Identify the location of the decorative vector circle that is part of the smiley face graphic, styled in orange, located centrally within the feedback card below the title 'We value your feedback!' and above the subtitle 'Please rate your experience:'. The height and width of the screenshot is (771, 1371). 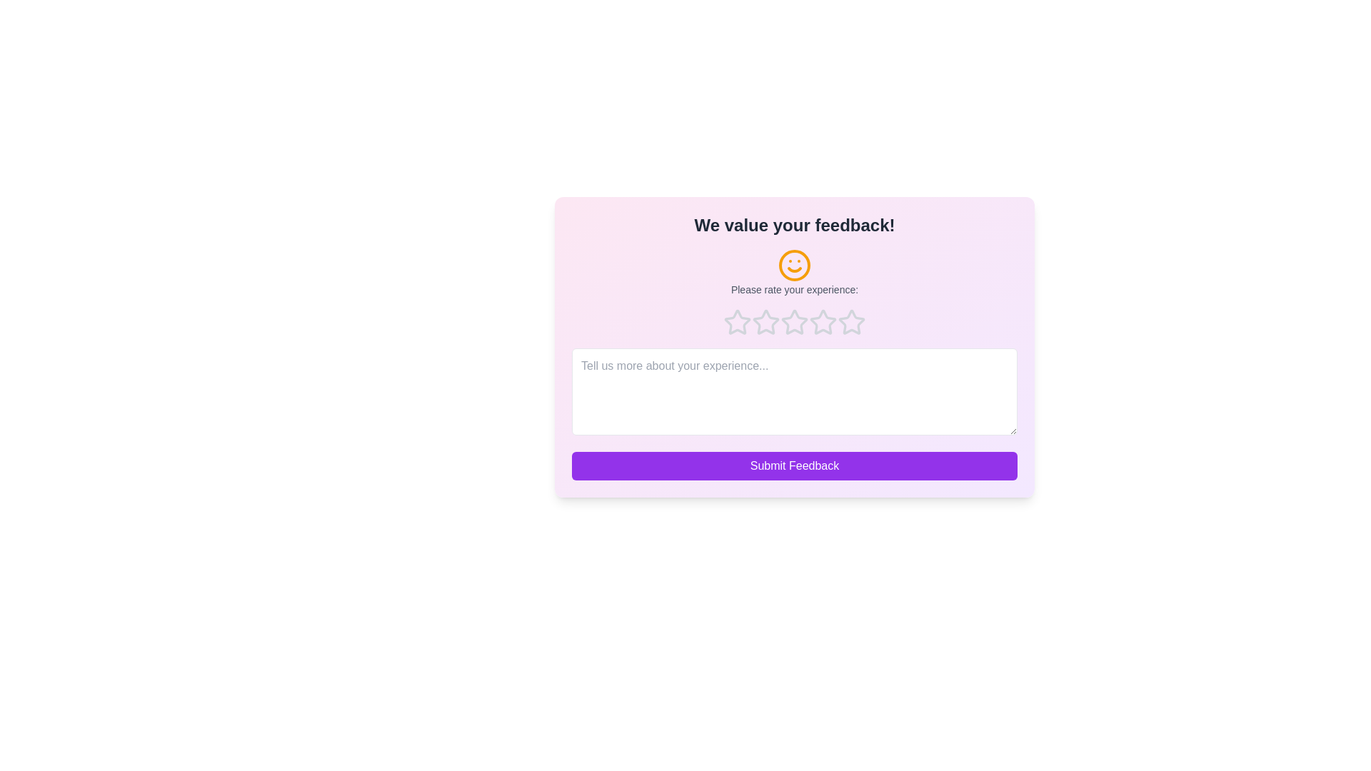
(794, 265).